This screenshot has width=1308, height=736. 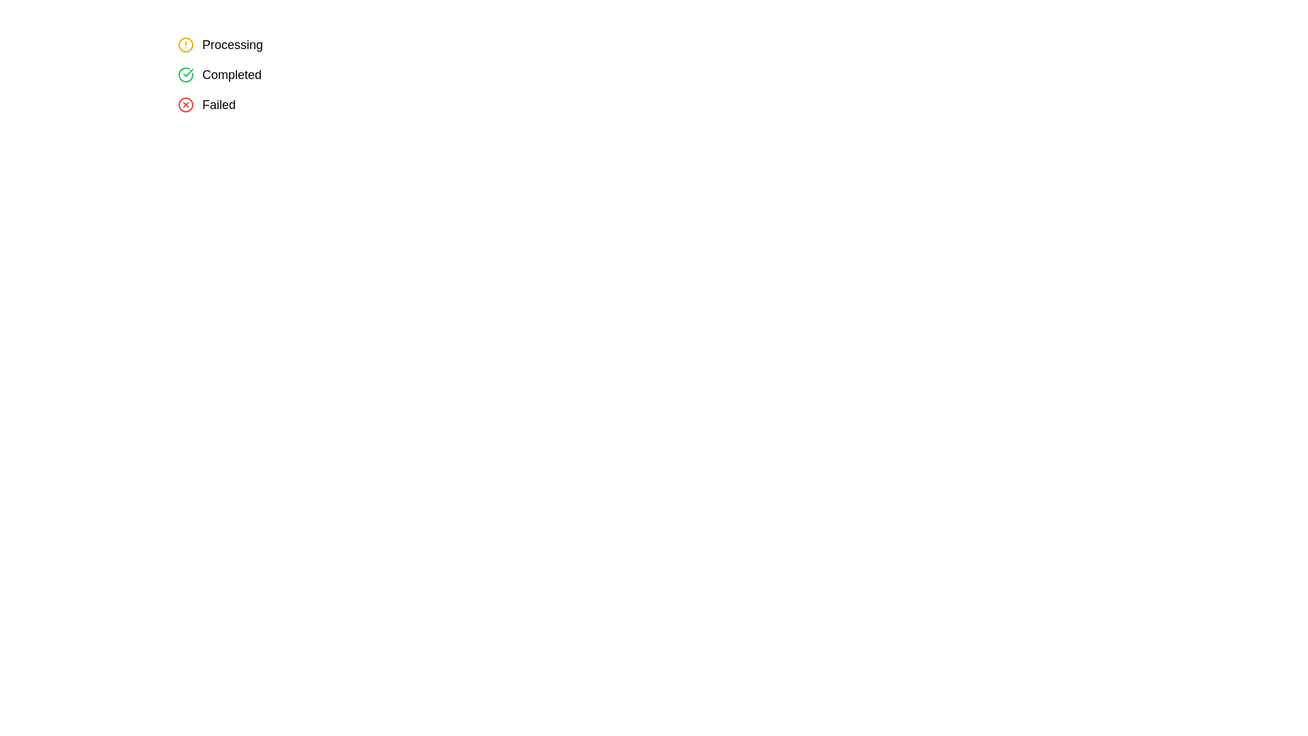 I want to click on the status indicator at the top of the vertical stack, which displays 'Processing' to convey that a task is currently ongoing, so click(x=220, y=44).